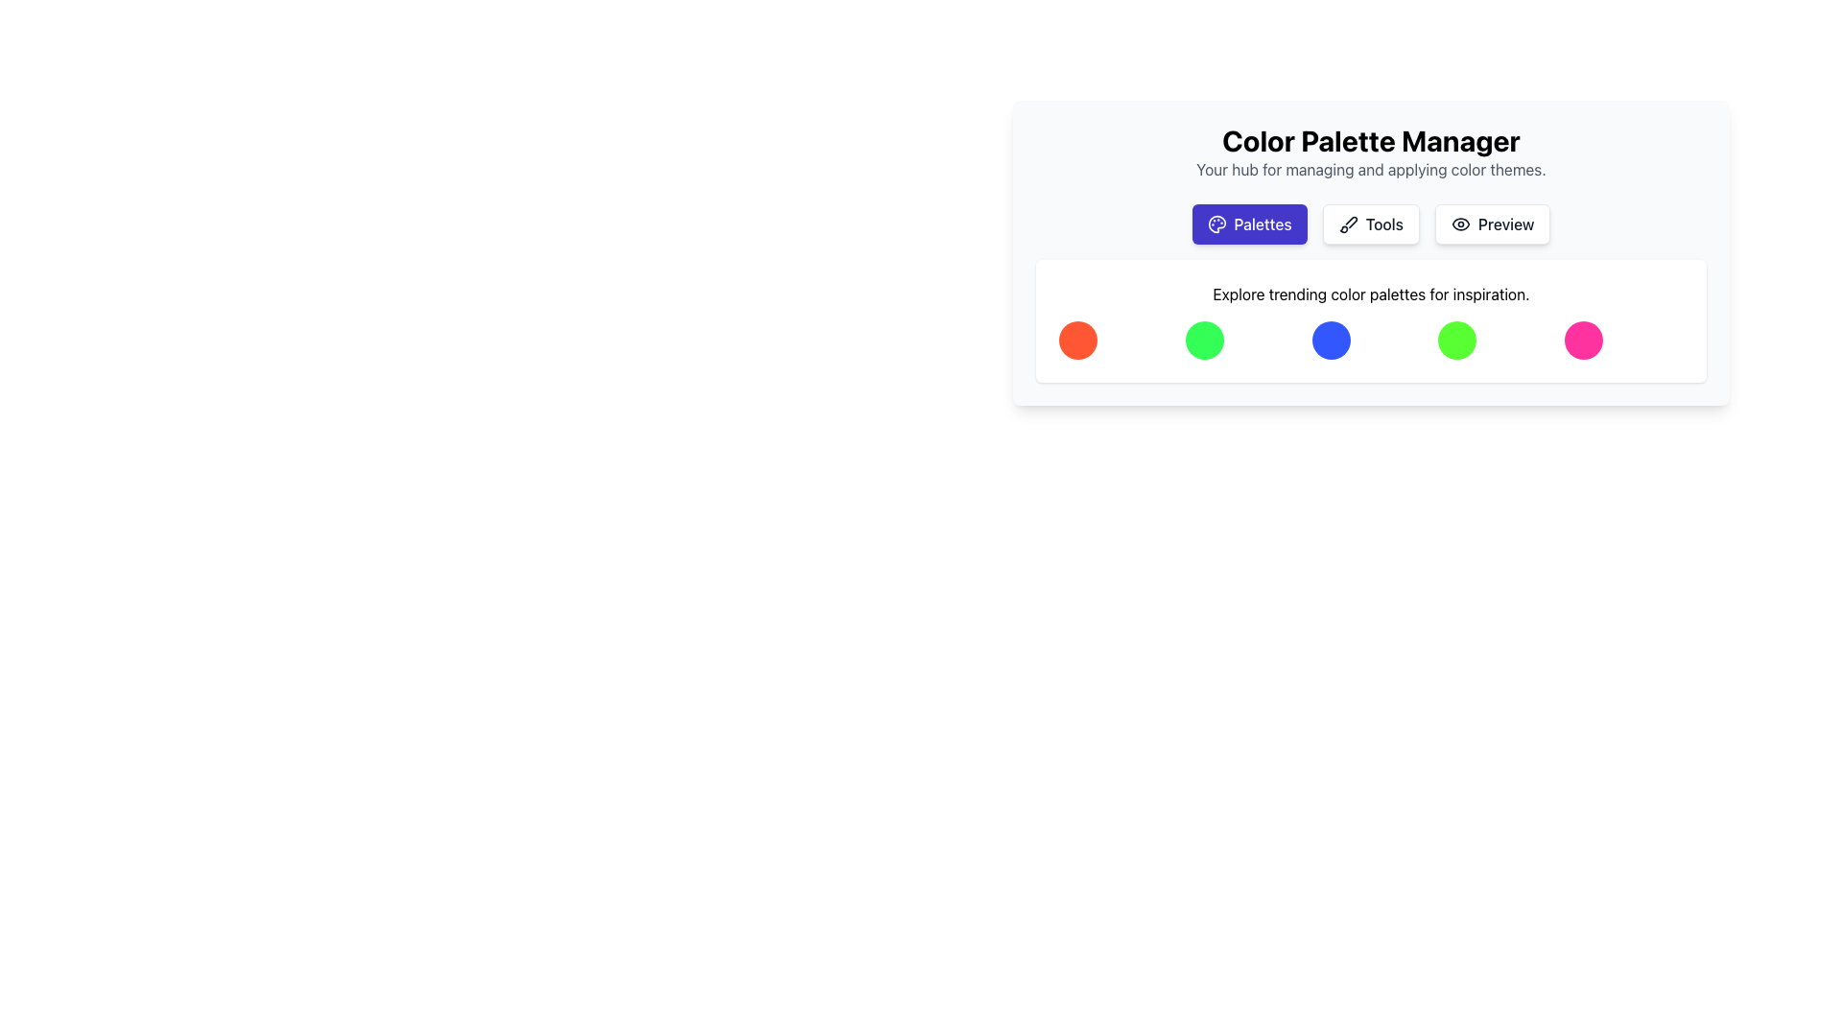  What do you see at coordinates (1459, 224) in the screenshot?
I see `the preview icon located to the left of the 'Preview' text within the button labeled 'Preview' at the top-right corner of the color palette tools card layout` at bounding box center [1459, 224].